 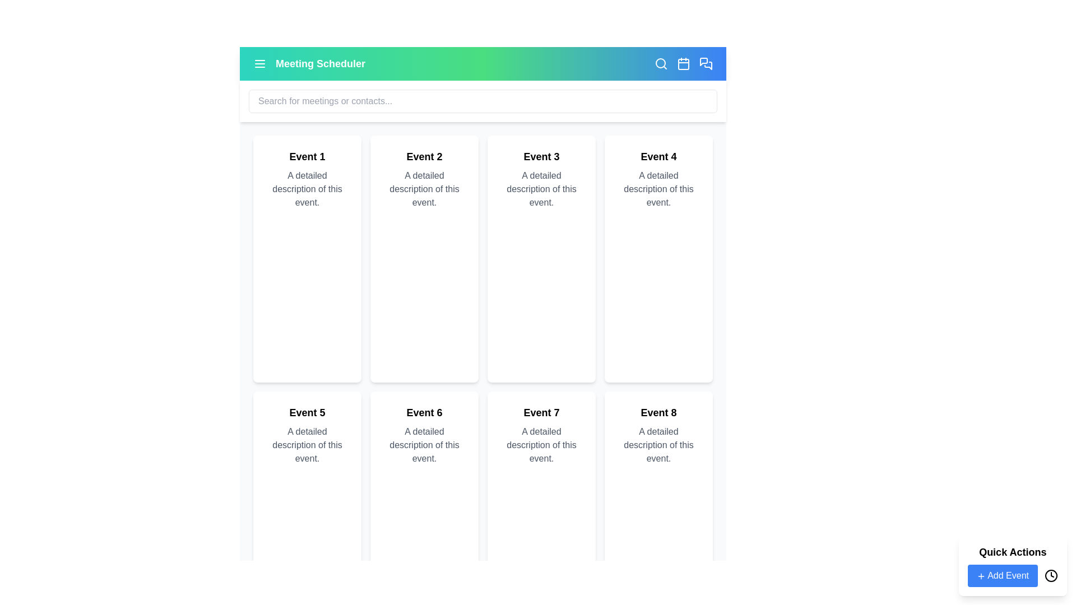 What do you see at coordinates (541, 259) in the screenshot?
I see `the informational card that presents details about 'Event 3', located in the third column of the first row in a 4-column grid layout` at bounding box center [541, 259].